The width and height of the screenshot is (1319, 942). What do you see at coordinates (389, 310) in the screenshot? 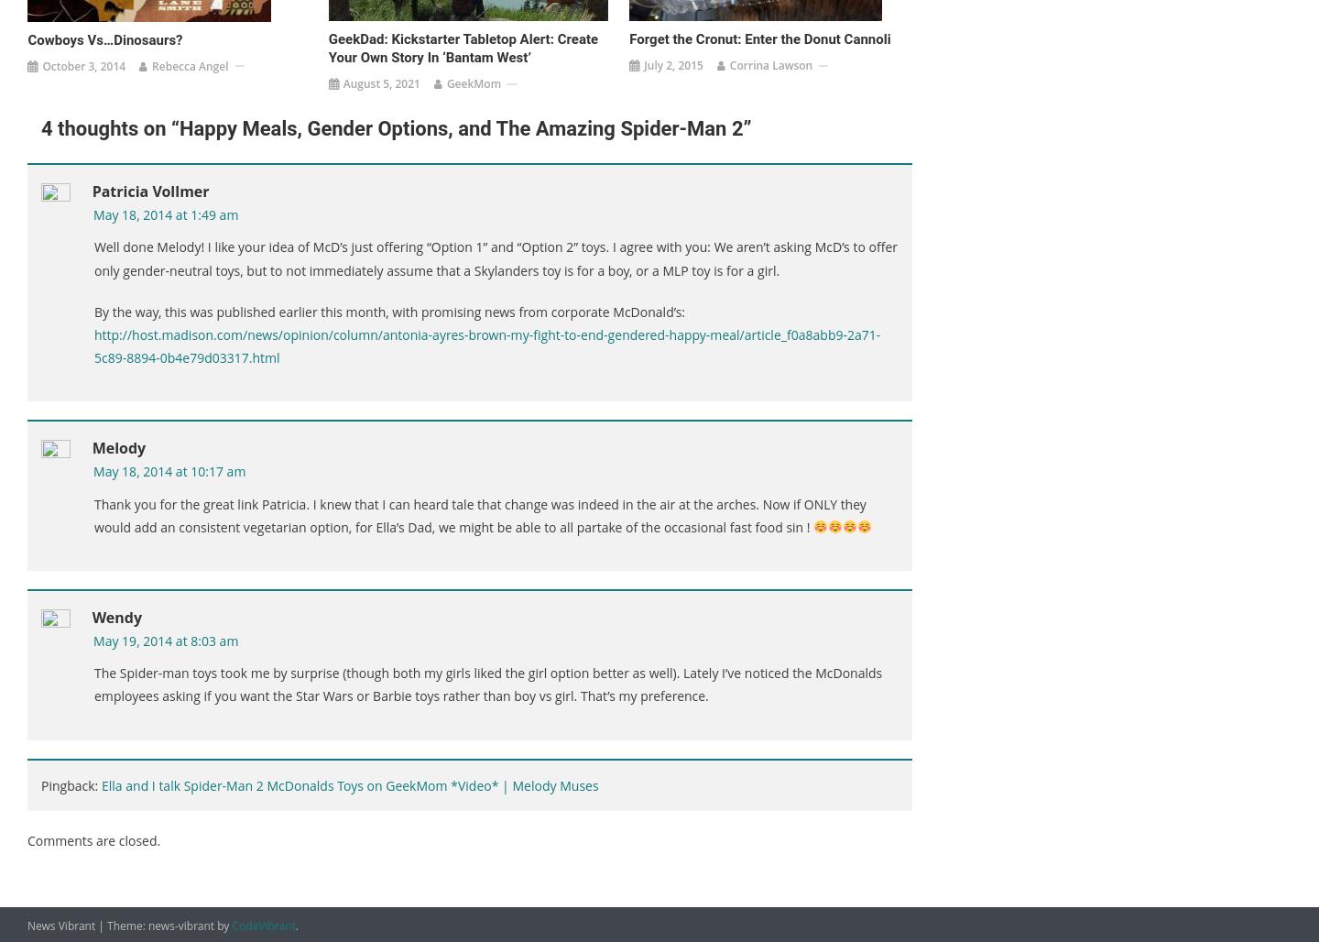
I see `'By the way, this was published earlier this month, with promising news from corporate McDonald’s:'` at bounding box center [389, 310].